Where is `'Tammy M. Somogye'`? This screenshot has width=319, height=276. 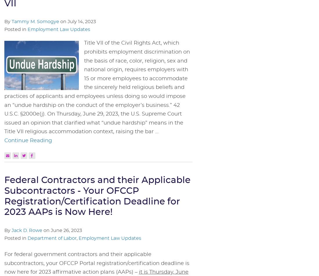 'Tammy M. Somogye' is located at coordinates (35, 21).